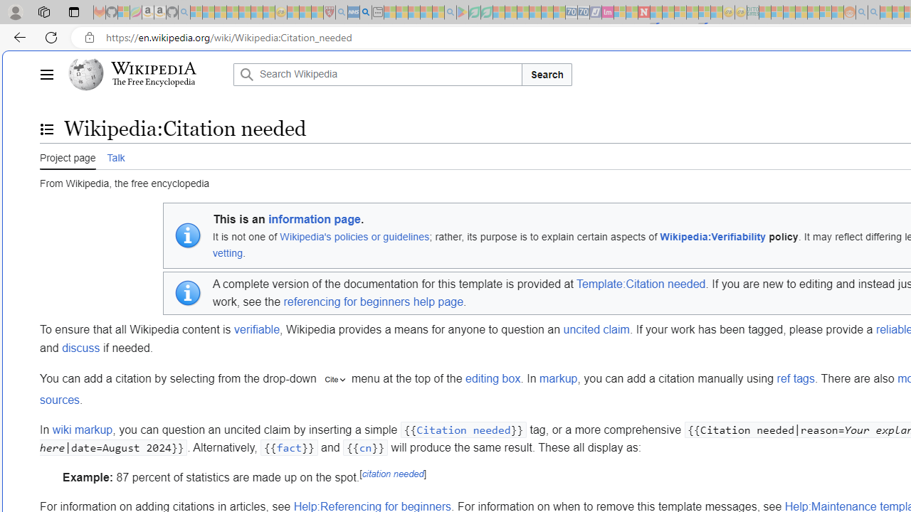 Image resolution: width=911 pixels, height=512 pixels. I want to click on '"cite"', so click(333, 379).